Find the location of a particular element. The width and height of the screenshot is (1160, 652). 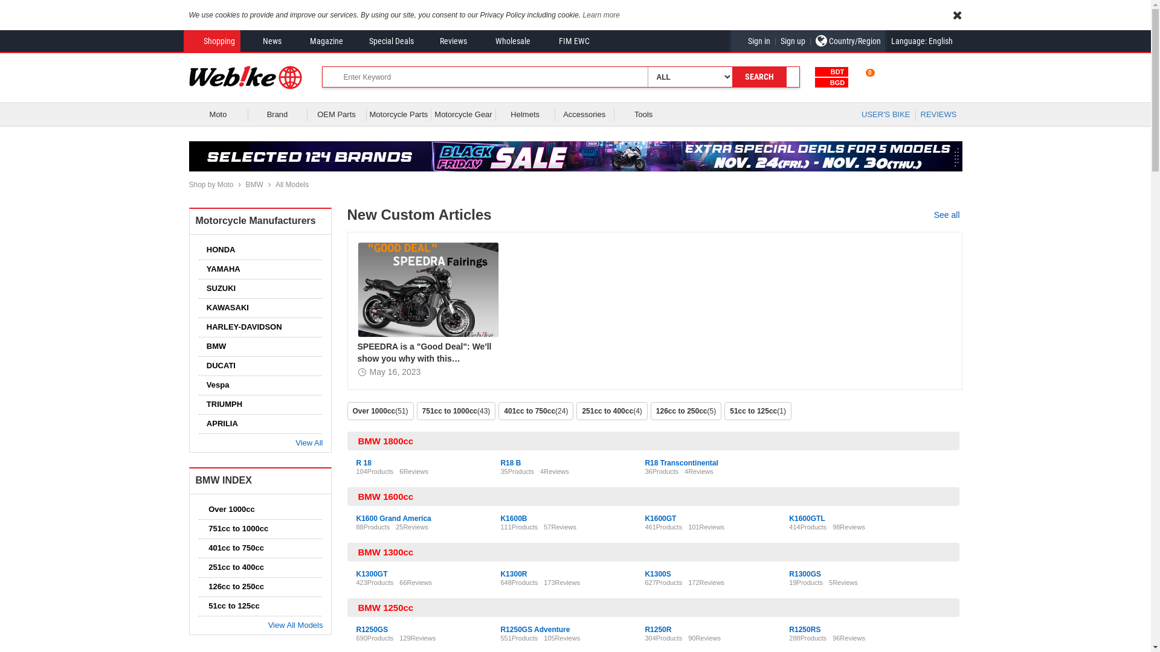

'REVIEWS' is located at coordinates (938, 114).